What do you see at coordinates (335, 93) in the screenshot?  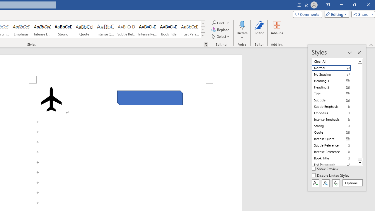 I see `'Title'` at bounding box center [335, 93].